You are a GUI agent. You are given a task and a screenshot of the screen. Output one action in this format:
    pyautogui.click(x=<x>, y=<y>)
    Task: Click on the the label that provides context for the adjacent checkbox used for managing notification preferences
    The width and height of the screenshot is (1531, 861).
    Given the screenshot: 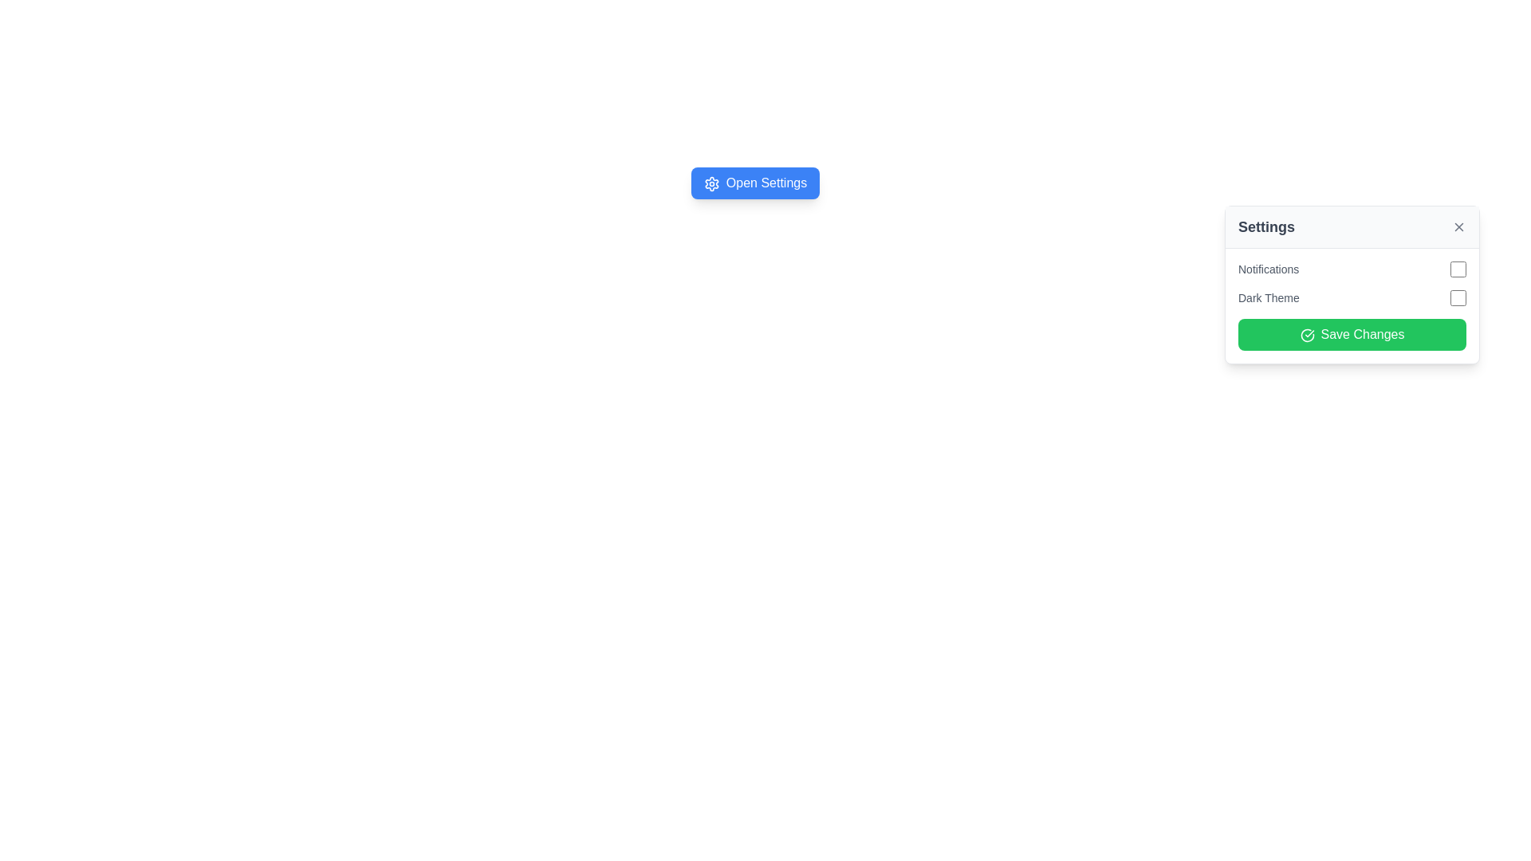 What is the action you would take?
    pyautogui.click(x=1268, y=269)
    